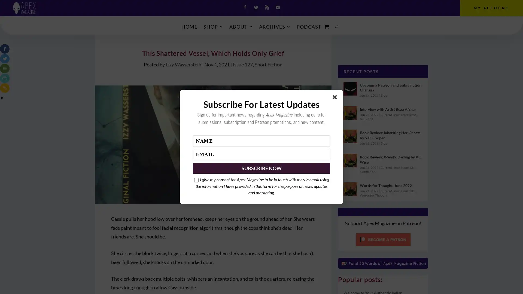 The width and height of the screenshot is (523, 294). What do you see at coordinates (336, 26) in the screenshot?
I see `U` at bounding box center [336, 26].